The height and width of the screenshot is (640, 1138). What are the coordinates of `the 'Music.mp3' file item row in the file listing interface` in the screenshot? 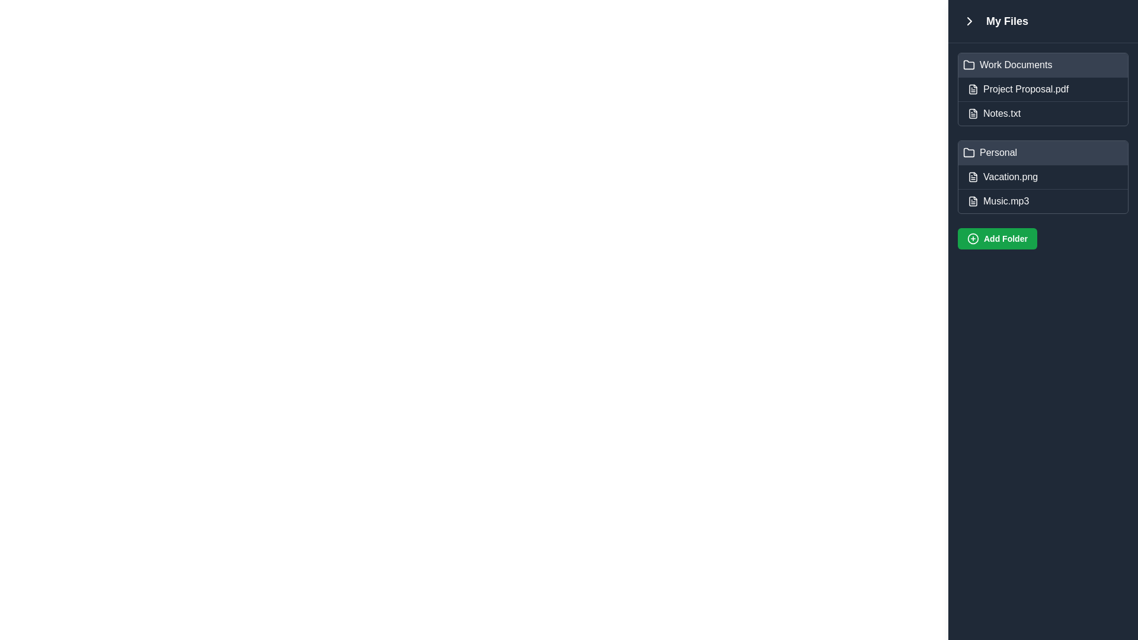 It's located at (1043, 200).